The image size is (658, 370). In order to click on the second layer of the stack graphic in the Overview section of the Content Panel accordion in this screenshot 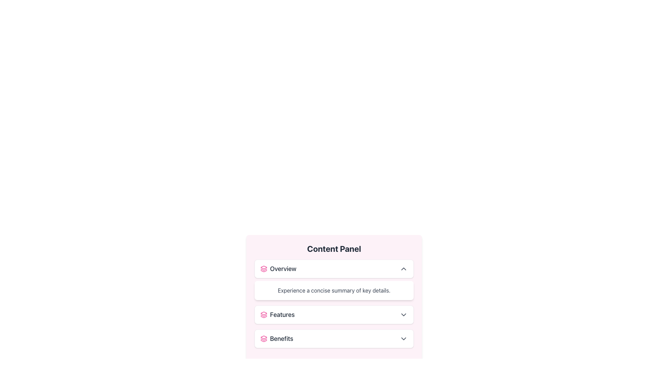, I will do `click(263, 269)`.